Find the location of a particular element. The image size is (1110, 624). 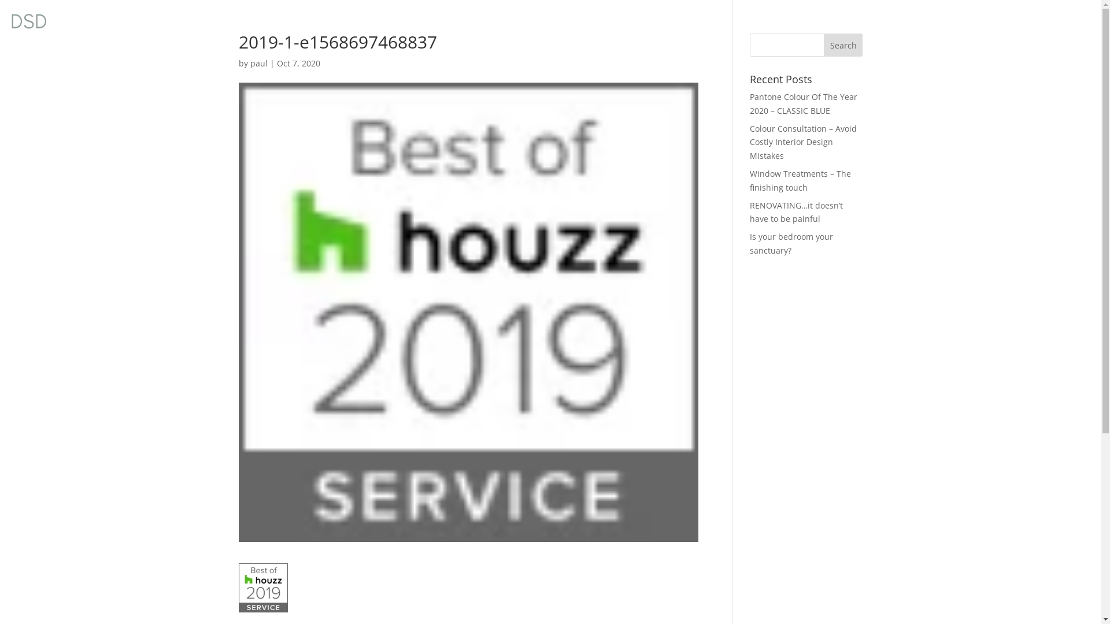

'Search' is located at coordinates (843, 44).